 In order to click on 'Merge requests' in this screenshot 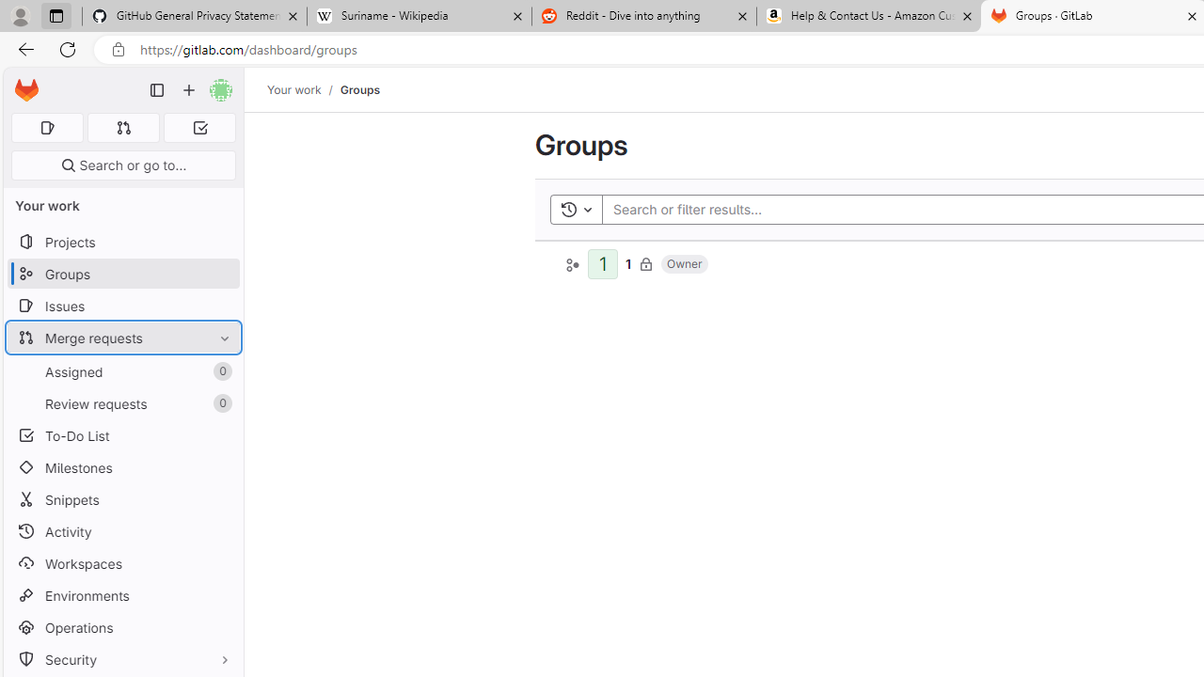, I will do `click(122, 337)`.